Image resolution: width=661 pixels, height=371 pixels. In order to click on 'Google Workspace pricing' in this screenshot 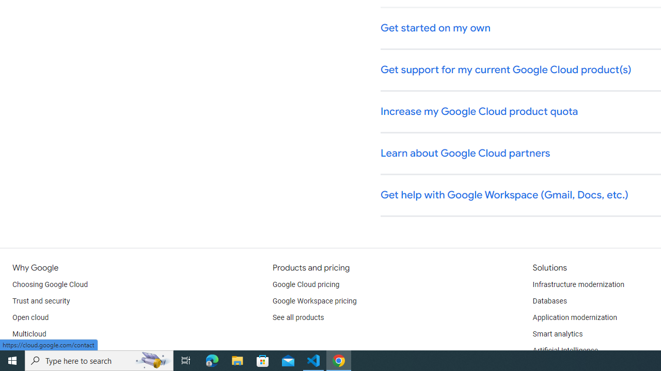, I will do `click(314, 301)`.